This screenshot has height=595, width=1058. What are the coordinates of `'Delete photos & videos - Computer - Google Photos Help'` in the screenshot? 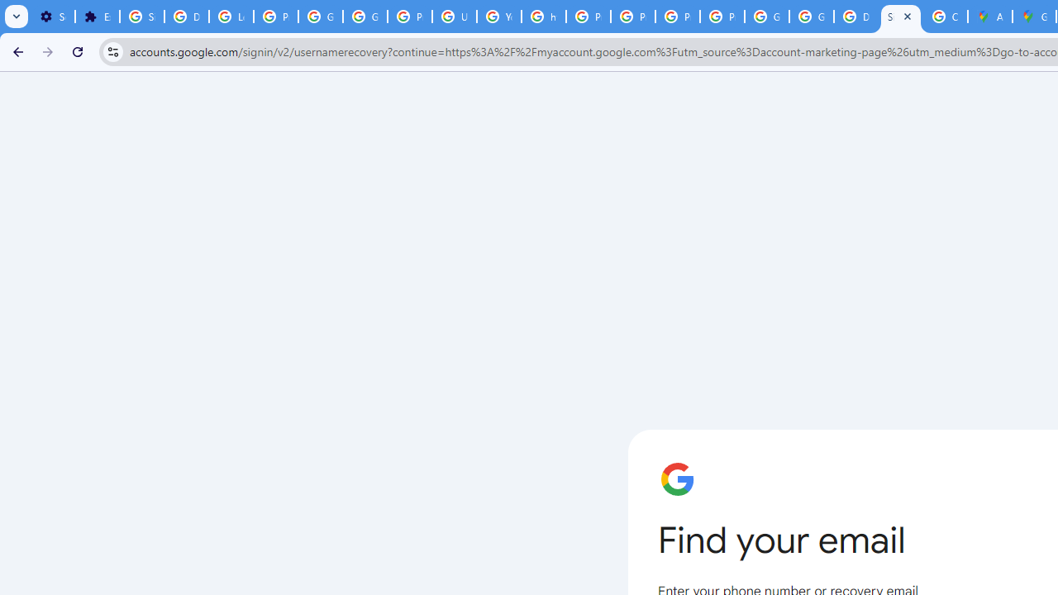 It's located at (186, 17).